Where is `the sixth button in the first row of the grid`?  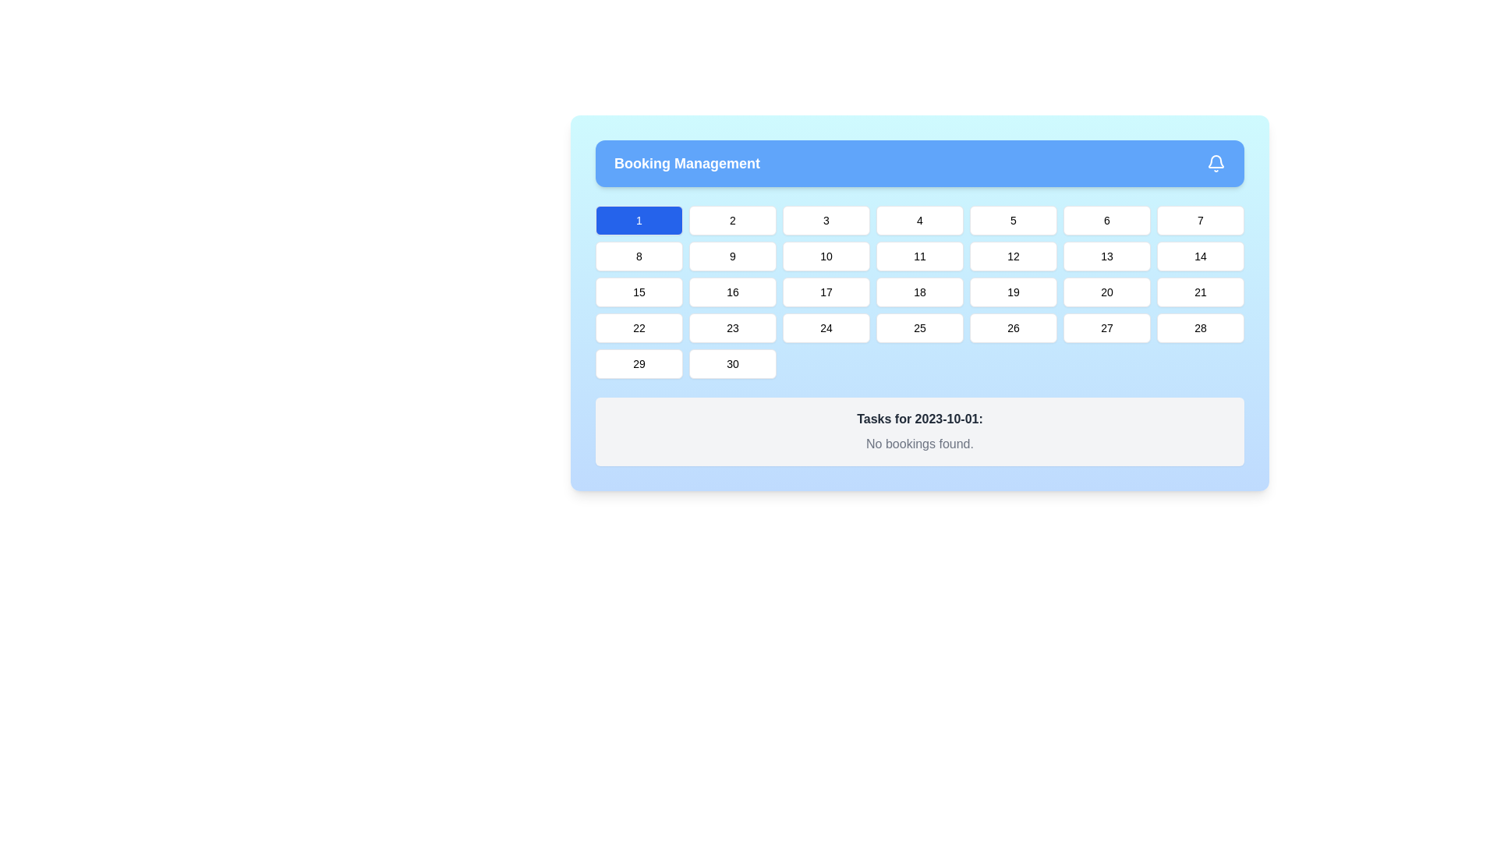 the sixth button in the first row of the grid is located at coordinates (1106, 220).